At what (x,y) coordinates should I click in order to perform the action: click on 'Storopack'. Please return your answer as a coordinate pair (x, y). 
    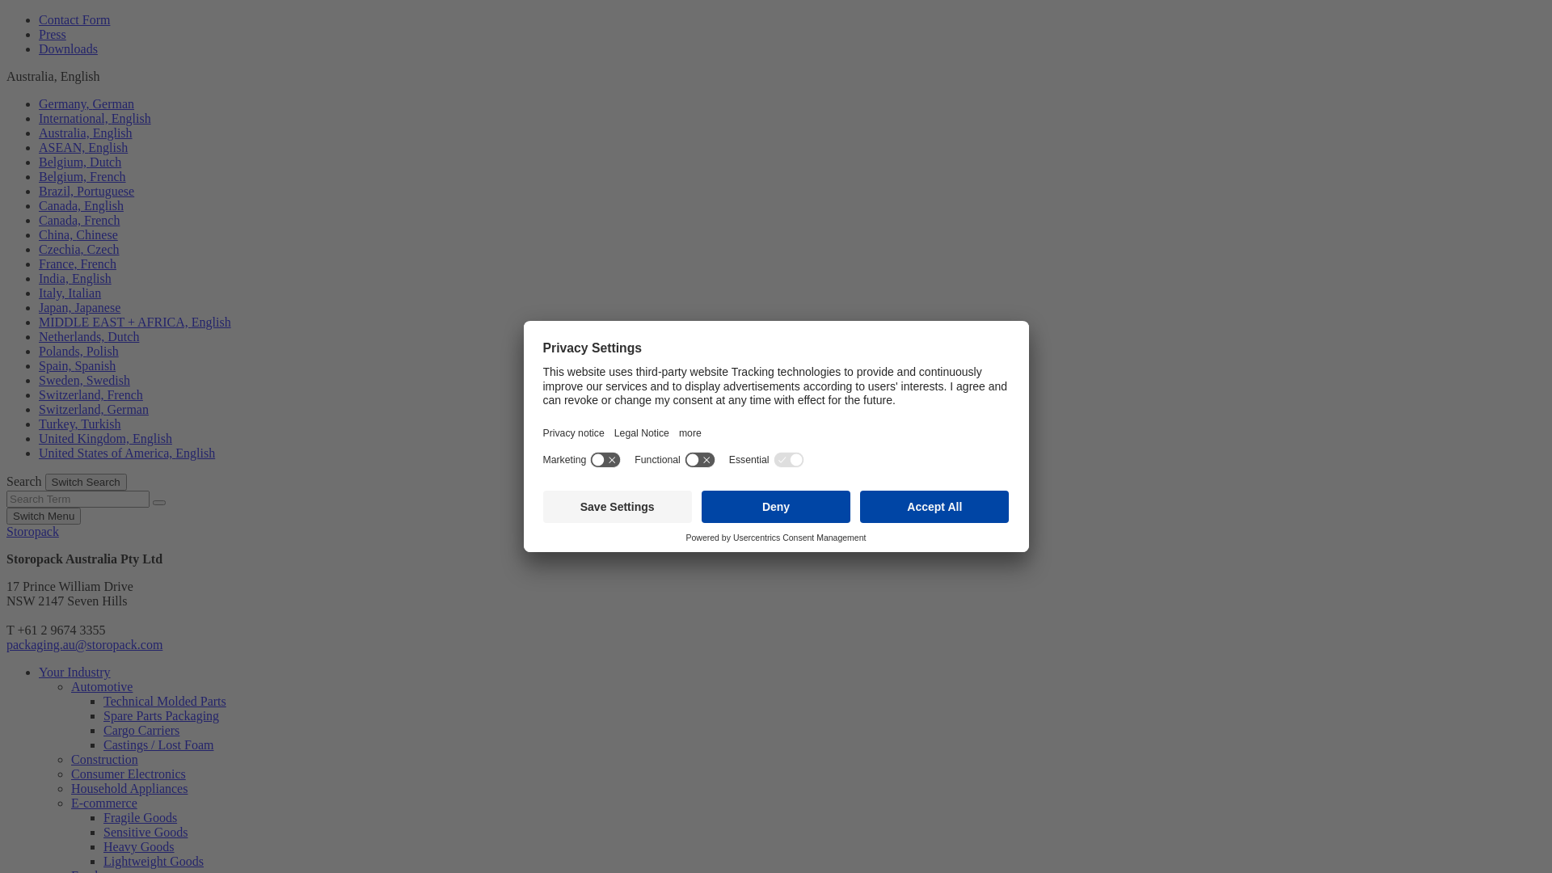
    Looking at the image, I should click on (32, 531).